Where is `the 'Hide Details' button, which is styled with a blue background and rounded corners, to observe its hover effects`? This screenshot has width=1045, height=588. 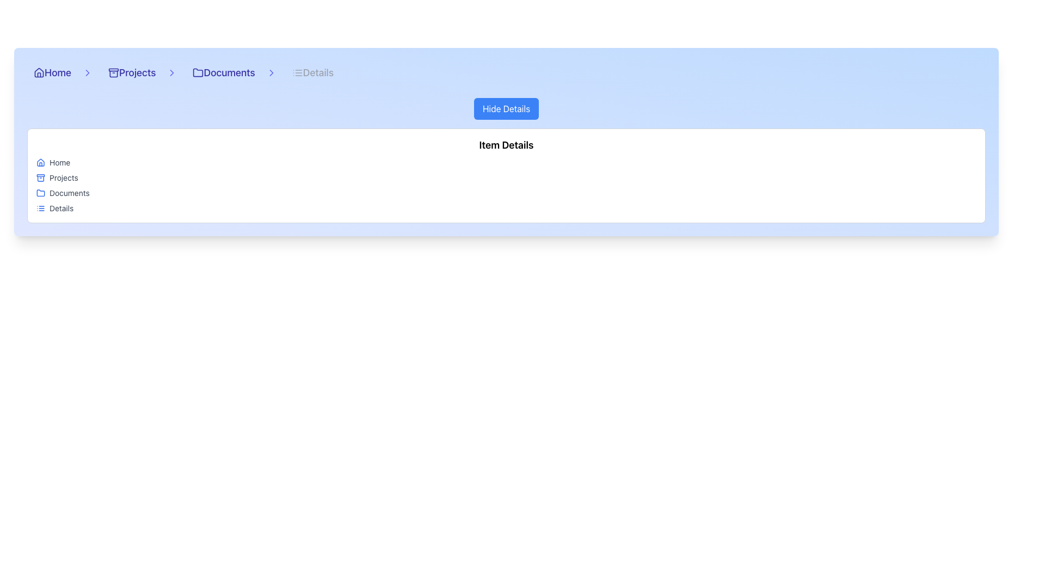
the 'Hide Details' button, which is styled with a blue background and rounded corners, to observe its hover effects is located at coordinates (506, 109).